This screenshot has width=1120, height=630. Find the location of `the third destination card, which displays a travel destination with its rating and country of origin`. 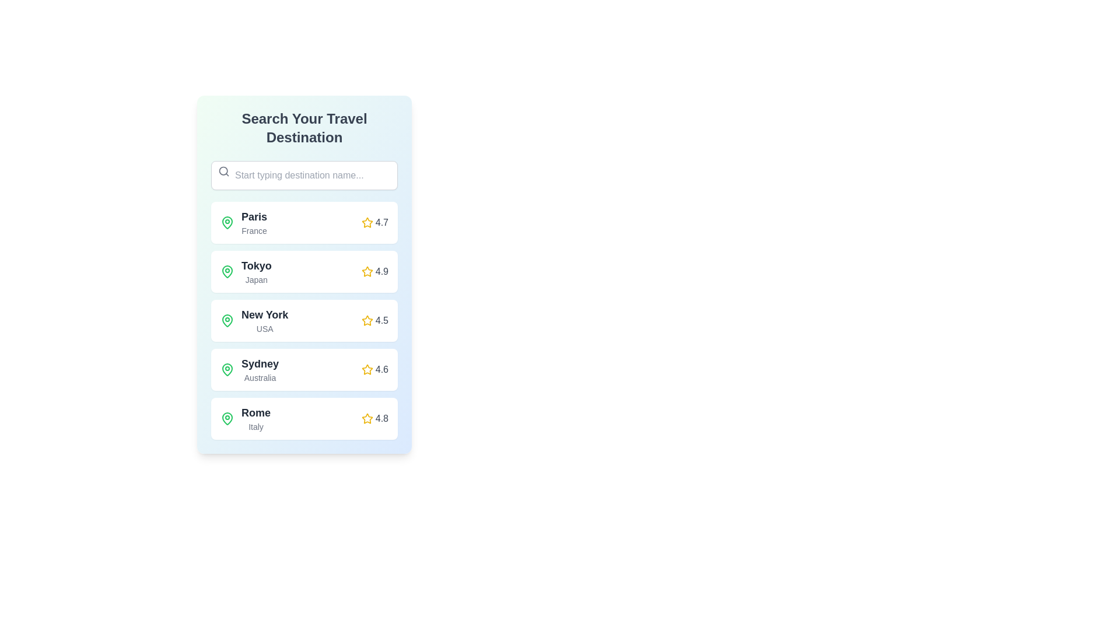

the third destination card, which displays a travel destination with its rating and country of origin is located at coordinates (304, 321).